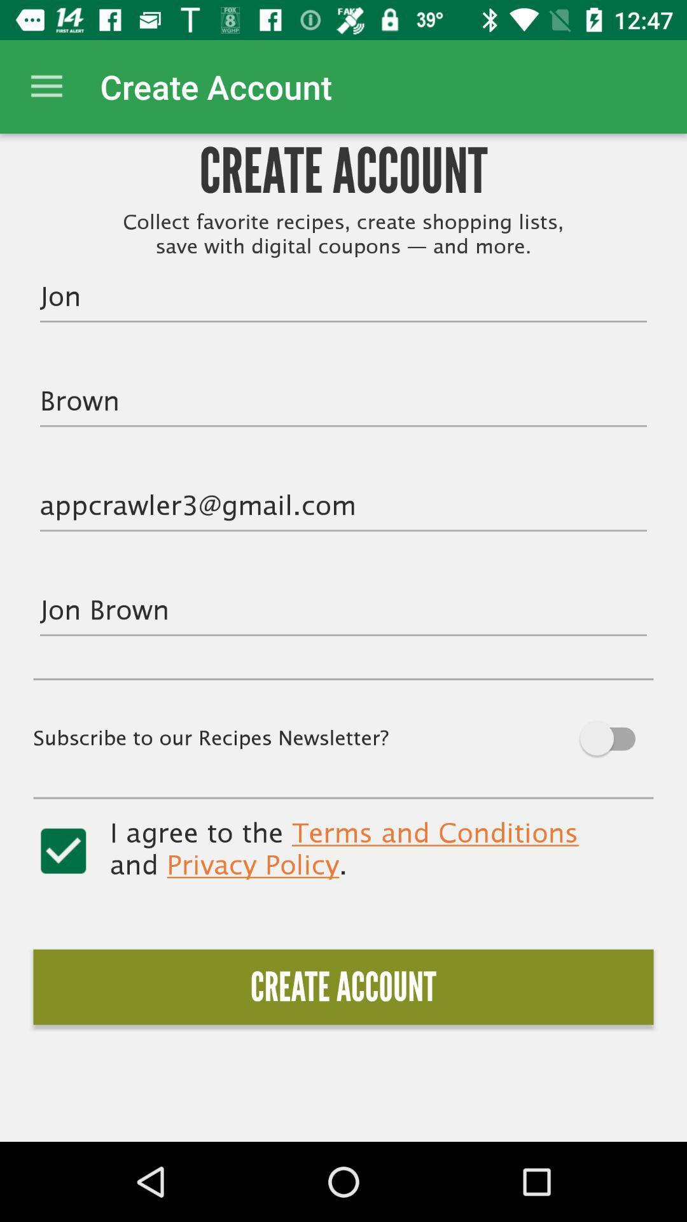  I want to click on subscribe to newsletter, so click(586, 738).